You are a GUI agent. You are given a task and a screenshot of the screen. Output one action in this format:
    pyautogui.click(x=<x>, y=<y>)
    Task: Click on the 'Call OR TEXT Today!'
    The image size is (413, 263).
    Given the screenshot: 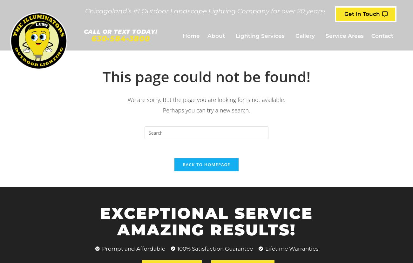 What is the action you would take?
    pyautogui.click(x=120, y=32)
    